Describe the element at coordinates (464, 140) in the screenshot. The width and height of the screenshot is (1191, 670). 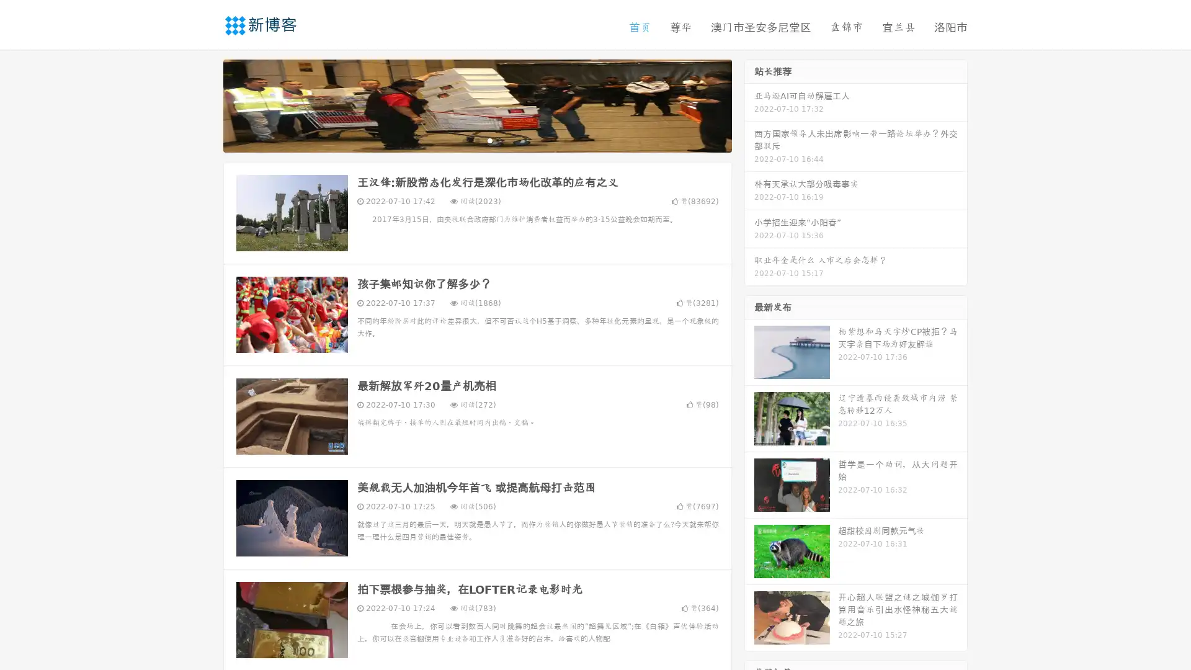
I see `Go to slide 1` at that location.